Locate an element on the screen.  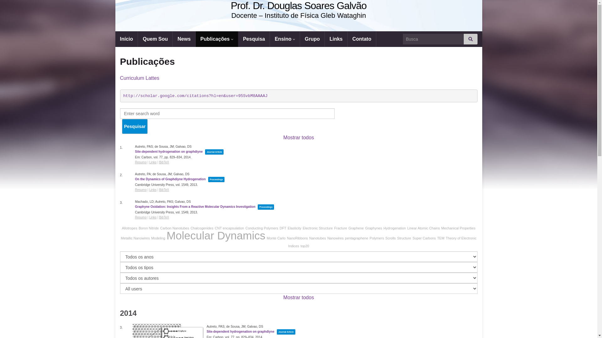
'Super Carbons' is located at coordinates (424, 238).